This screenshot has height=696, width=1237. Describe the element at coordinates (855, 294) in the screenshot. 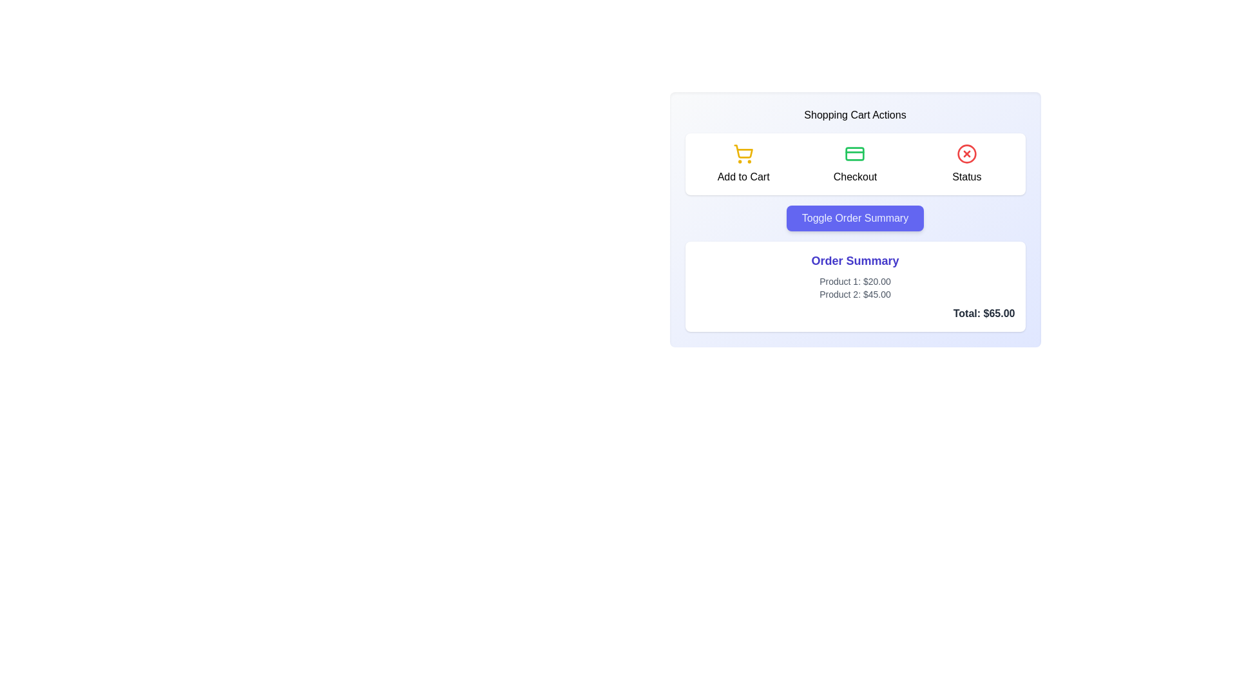

I see `the text label displaying 'Product 2: $45.00' in the Order Summary section` at that location.